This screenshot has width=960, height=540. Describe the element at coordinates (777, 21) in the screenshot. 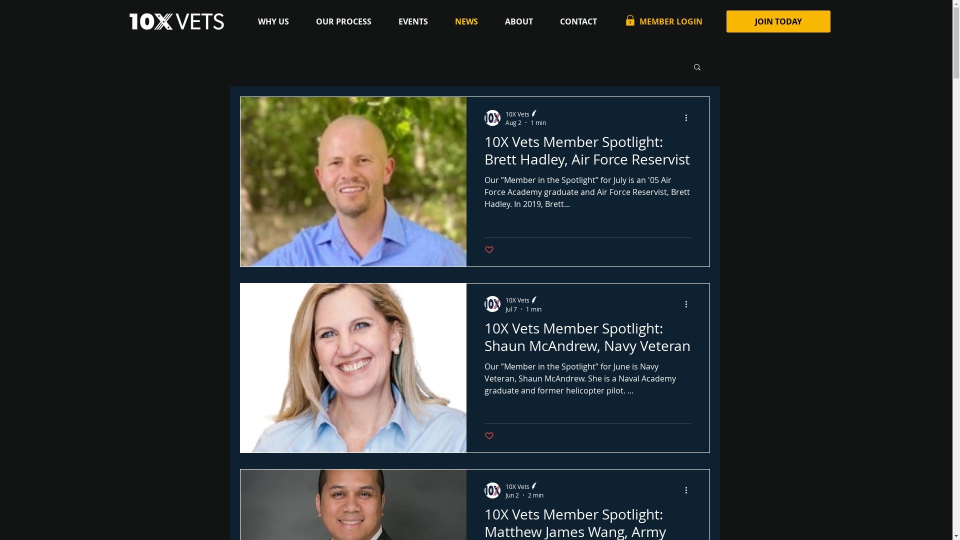

I see `'JOIN TODAY'` at that location.